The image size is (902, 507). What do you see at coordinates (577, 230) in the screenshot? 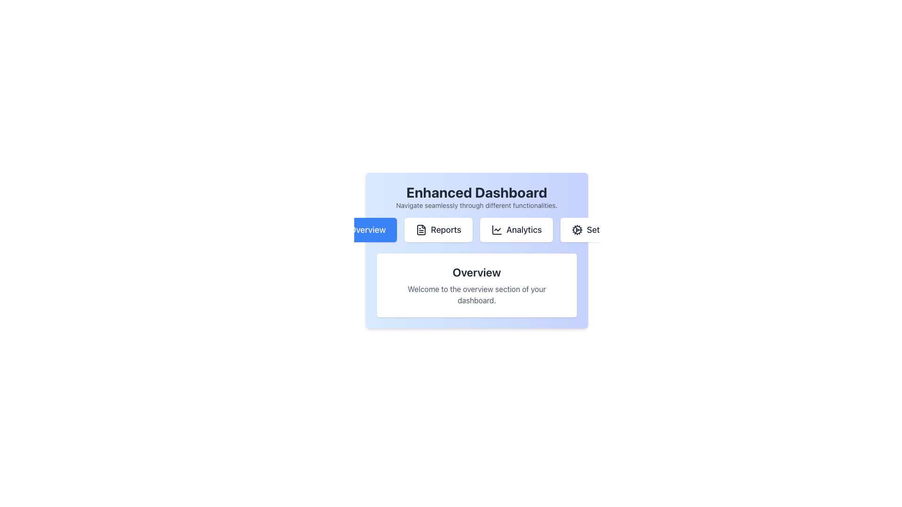
I see `the cogwheel icon within the 'Settings' button, which is located to the far right of the navigation row` at bounding box center [577, 230].